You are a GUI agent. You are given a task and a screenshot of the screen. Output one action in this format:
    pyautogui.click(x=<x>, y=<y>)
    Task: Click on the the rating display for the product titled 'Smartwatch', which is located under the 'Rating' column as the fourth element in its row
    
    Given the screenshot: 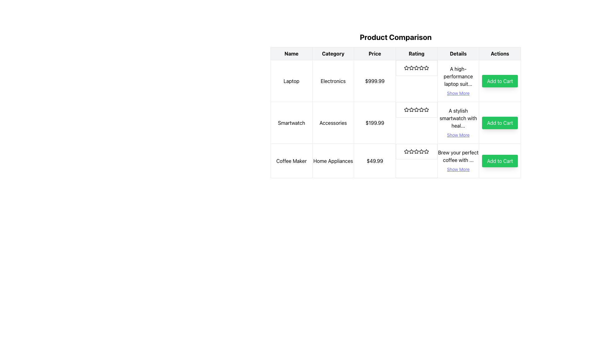 What is the action you would take?
    pyautogui.click(x=416, y=109)
    